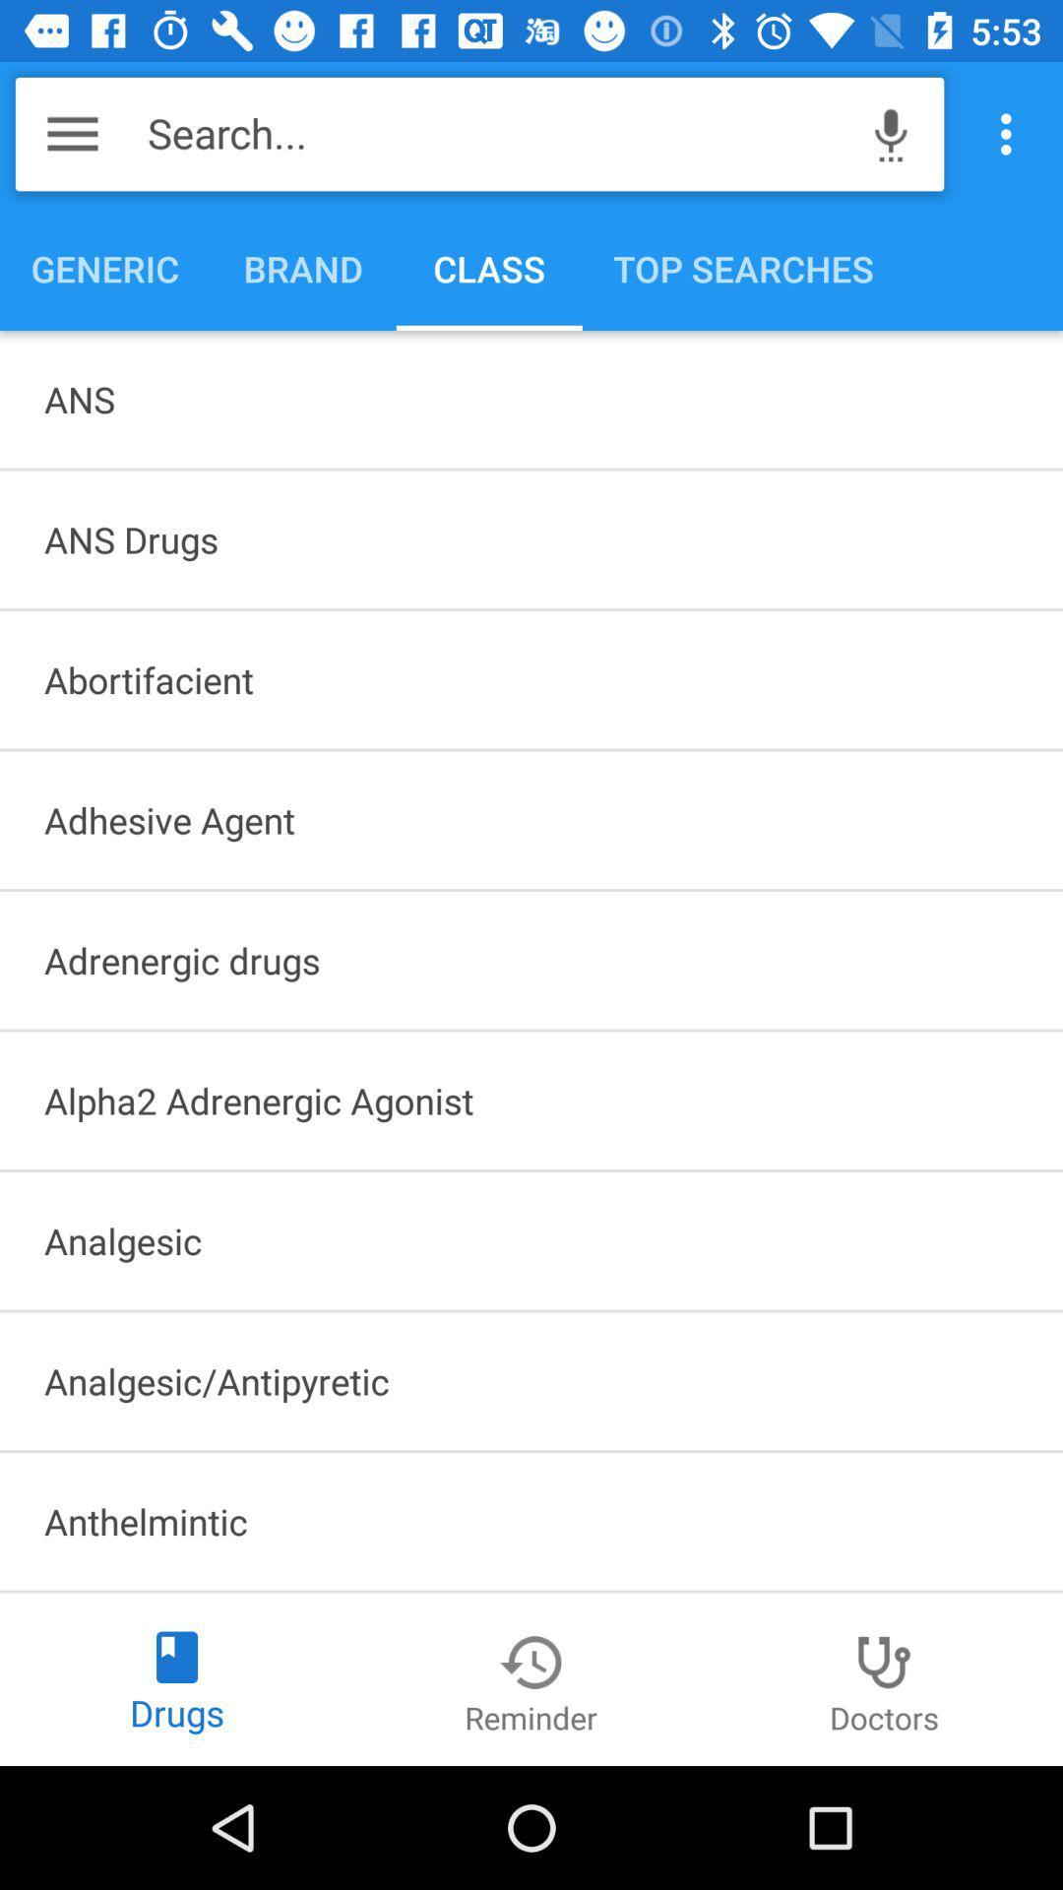 This screenshot has width=1063, height=1890. Describe the element at coordinates (531, 1520) in the screenshot. I see `item below the analgesic/antipyretic icon` at that location.